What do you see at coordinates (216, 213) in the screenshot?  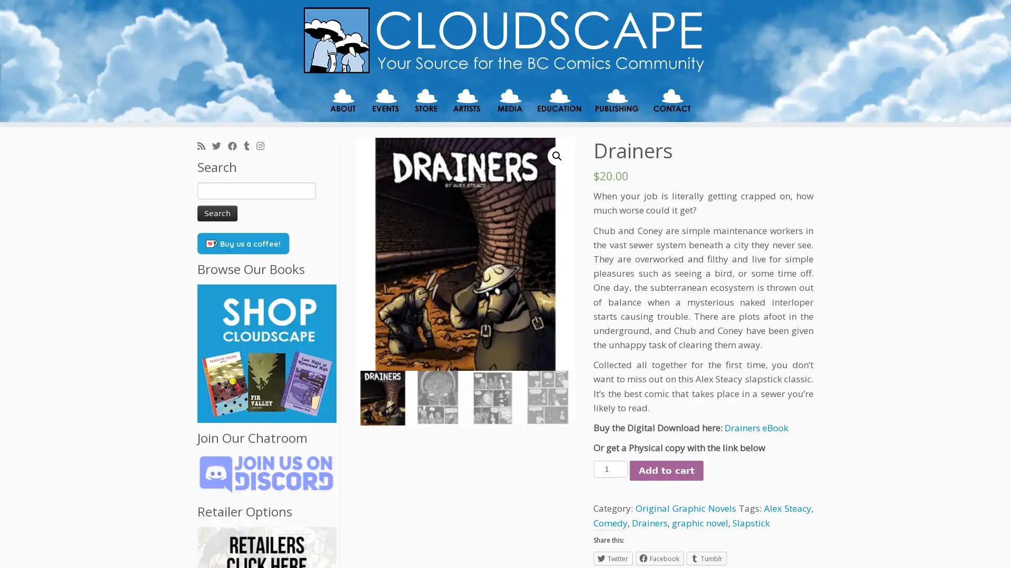 I see `Search` at bounding box center [216, 213].